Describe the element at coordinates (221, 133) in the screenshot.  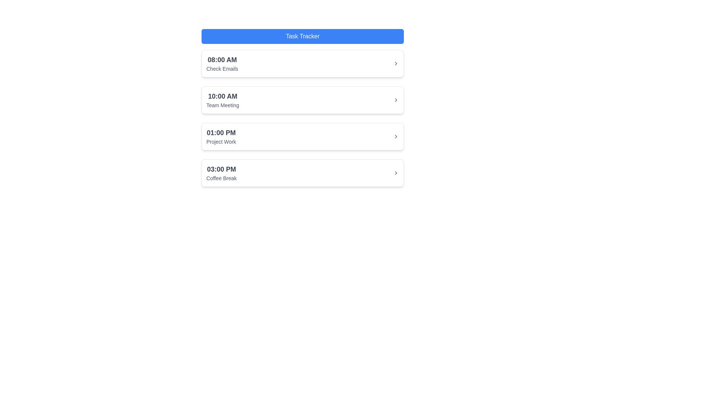
I see `the static text label displaying '01:00 PM' which is the third entry in the scheduled task list, positioned above 'Project Work.'` at that location.